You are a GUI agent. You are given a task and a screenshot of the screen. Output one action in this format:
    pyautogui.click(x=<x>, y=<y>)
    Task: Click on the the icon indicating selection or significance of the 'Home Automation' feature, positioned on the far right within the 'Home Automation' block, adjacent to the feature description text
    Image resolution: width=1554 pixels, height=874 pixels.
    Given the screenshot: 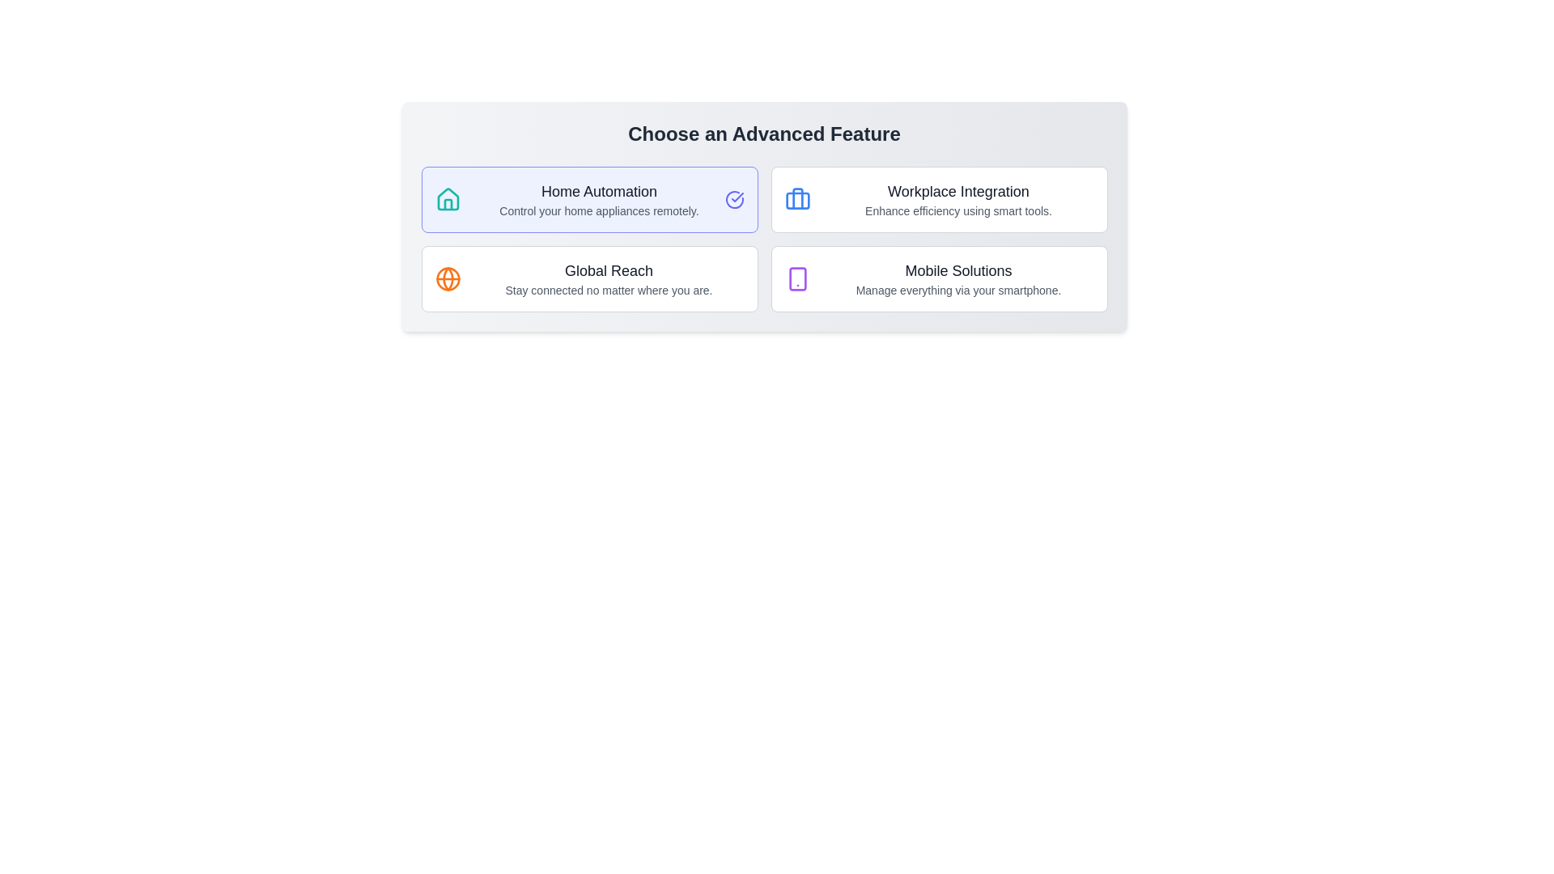 What is the action you would take?
    pyautogui.click(x=733, y=198)
    